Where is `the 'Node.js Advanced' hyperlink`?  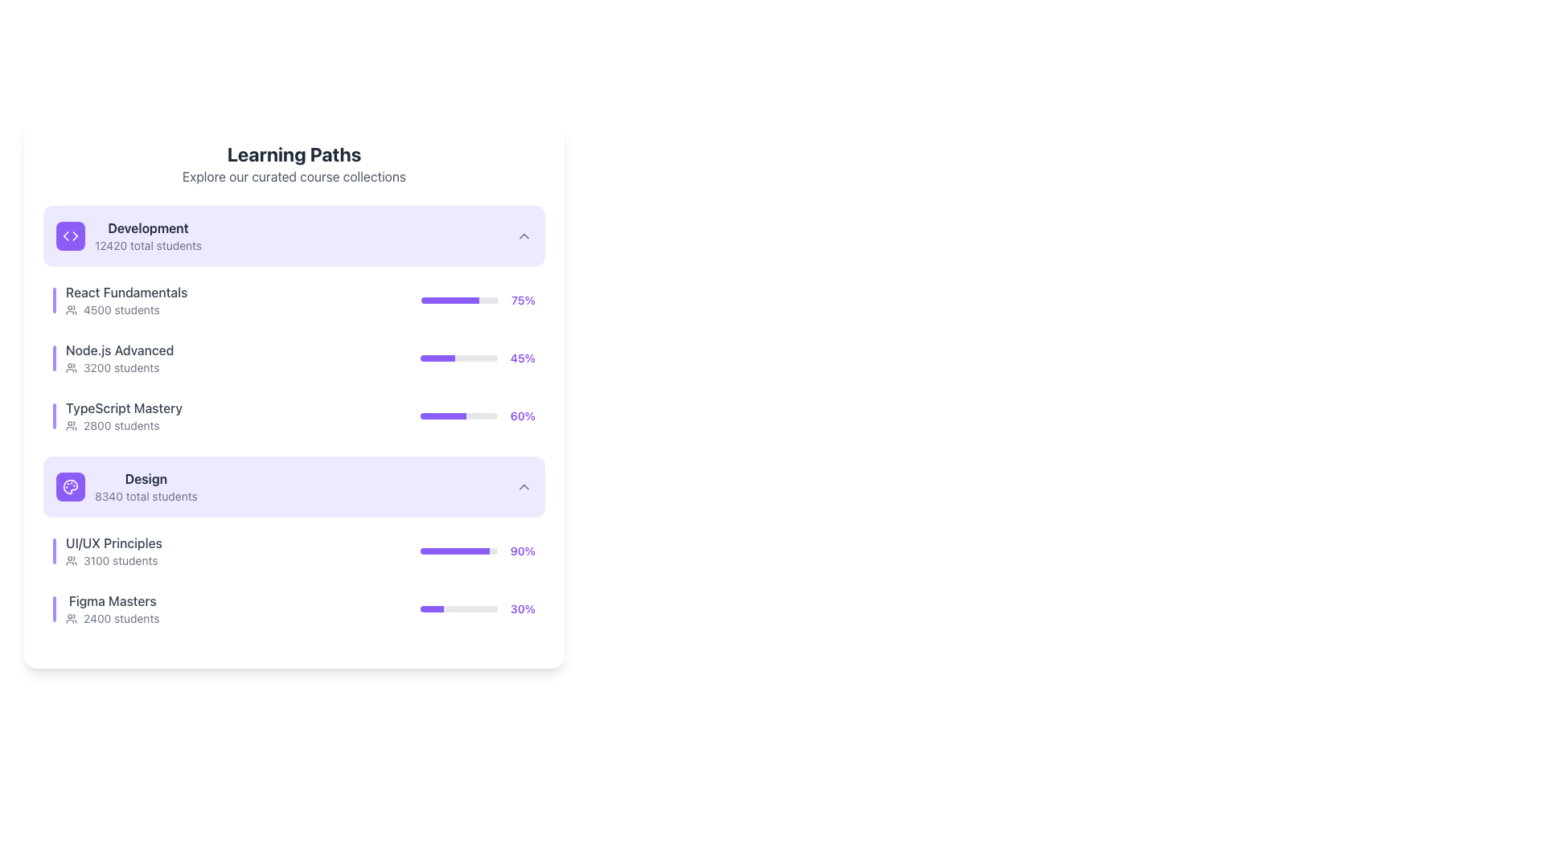 the 'Node.js Advanced' hyperlink is located at coordinates (119, 349).